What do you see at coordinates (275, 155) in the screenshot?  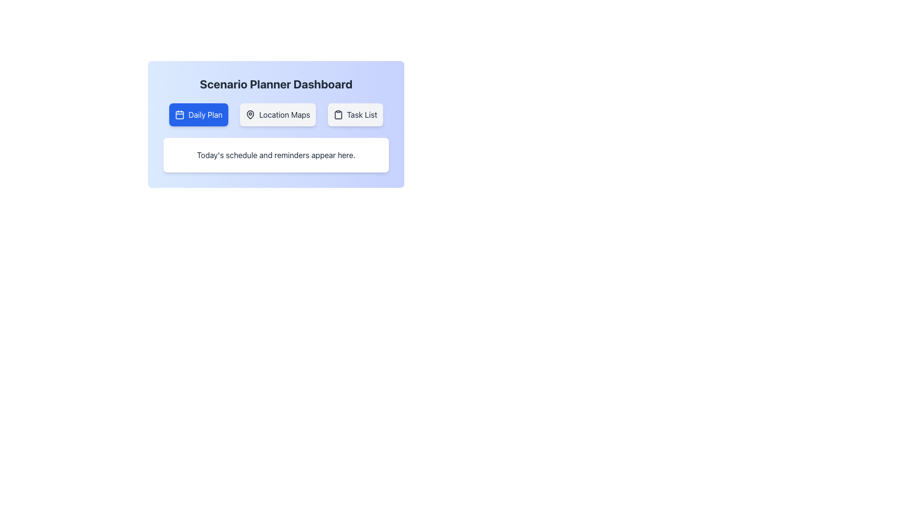 I see `the informational text label located centrally within the white card, below the buttons labeled 'Daily Plan,' 'Location Maps,' and 'Task List.'` at bounding box center [275, 155].